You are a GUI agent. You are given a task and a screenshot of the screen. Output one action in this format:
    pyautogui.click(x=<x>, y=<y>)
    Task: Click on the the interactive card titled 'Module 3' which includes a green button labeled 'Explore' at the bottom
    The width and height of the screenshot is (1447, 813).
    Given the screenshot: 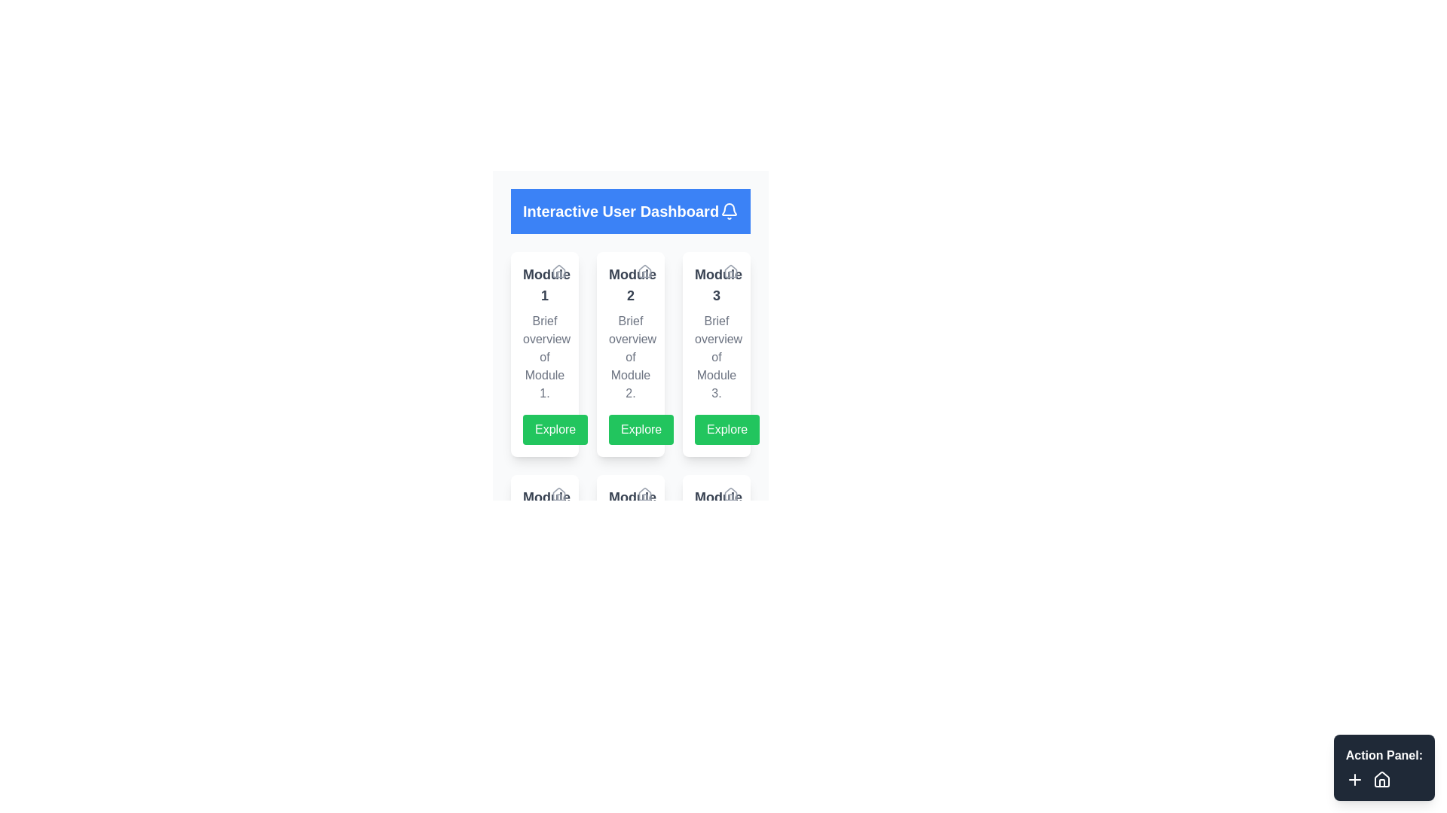 What is the action you would take?
    pyautogui.click(x=715, y=354)
    